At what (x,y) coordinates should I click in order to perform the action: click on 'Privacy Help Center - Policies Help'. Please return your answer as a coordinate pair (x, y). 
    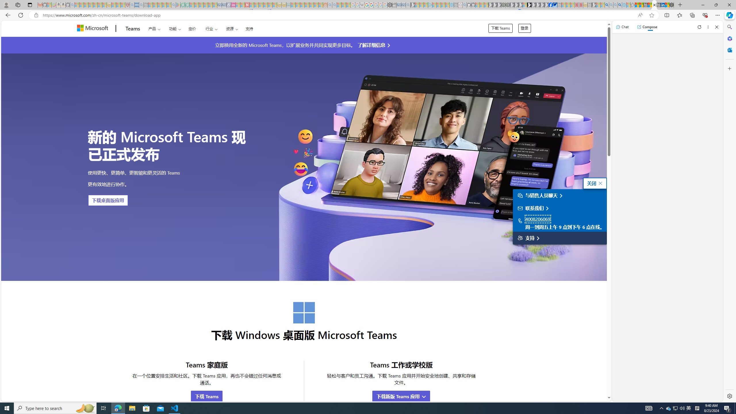
    Looking at the image, I should click on (367, 5).